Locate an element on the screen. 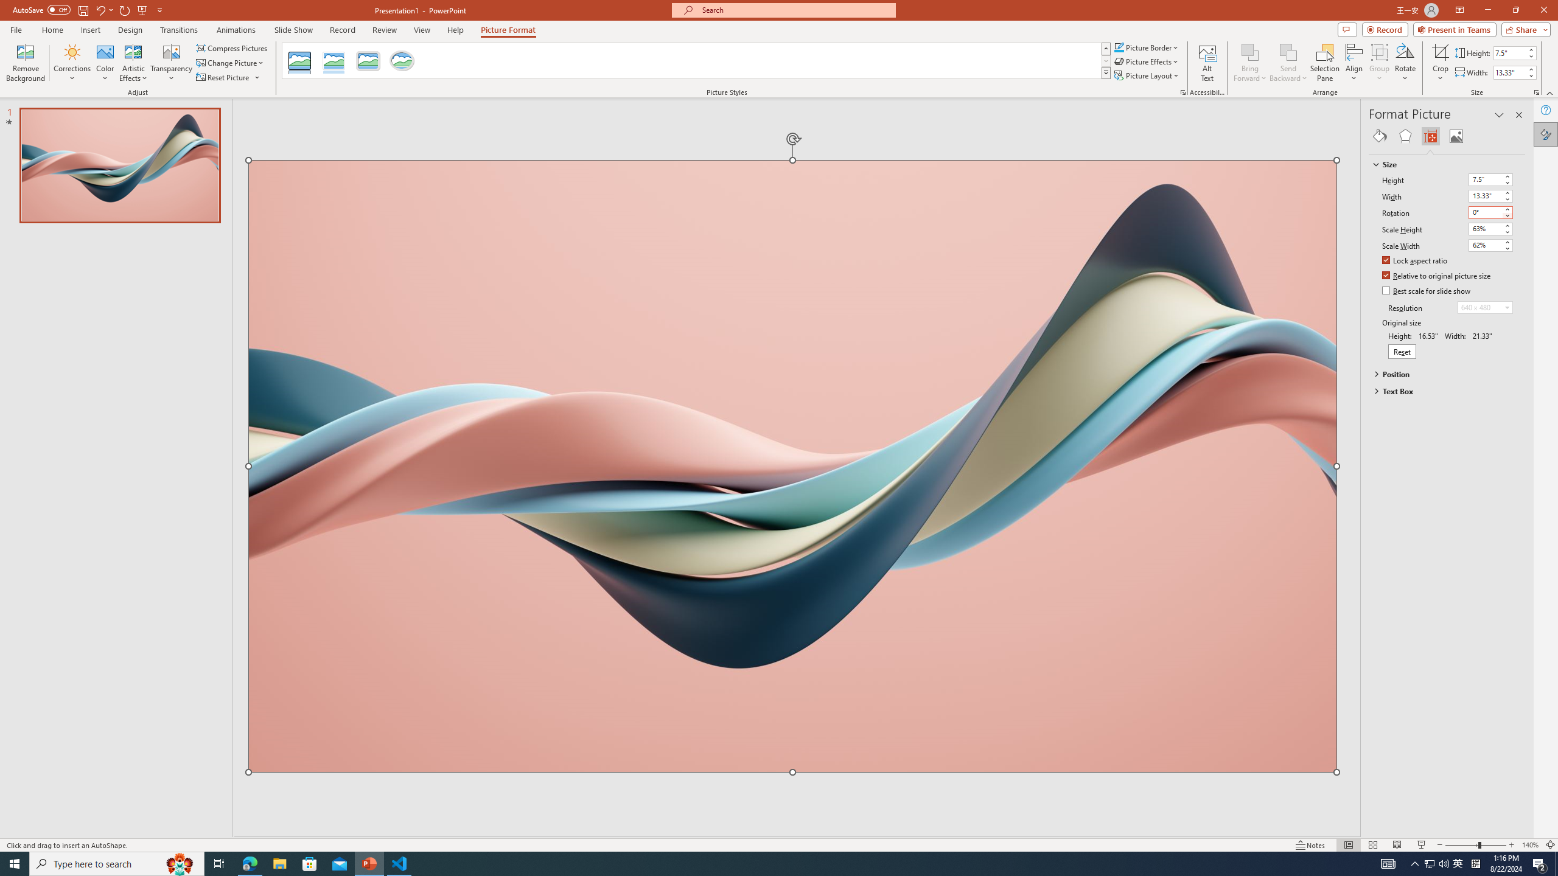 The height and width of the screenshot is (876, 1558). 'Scale Height' is located at coordinates (1484, 228).